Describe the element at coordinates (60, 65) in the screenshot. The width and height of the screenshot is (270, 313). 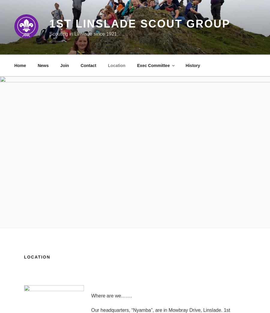
I see `'Join'` at that location.